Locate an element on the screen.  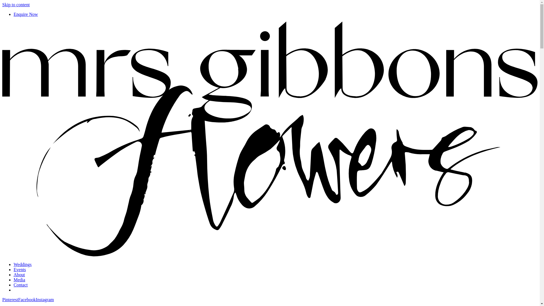
'Enquire Now' is located at coordinates (25, 14).